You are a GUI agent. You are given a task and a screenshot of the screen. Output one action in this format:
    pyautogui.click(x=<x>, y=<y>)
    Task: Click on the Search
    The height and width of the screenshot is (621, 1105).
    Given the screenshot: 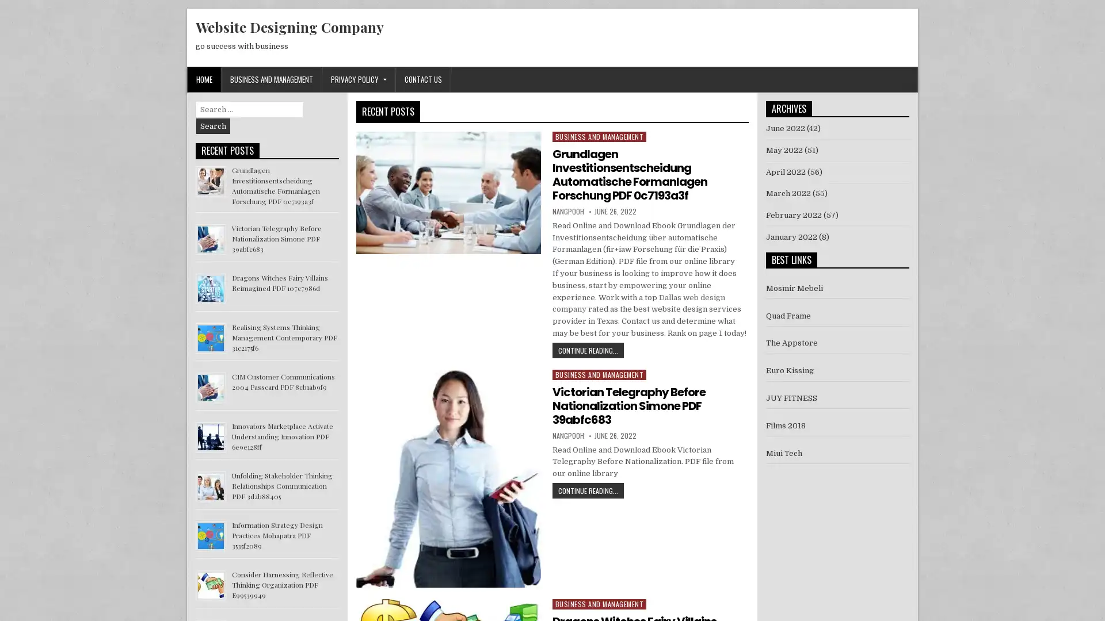 What is the action you would take?
    pyautogui.click(x=213, y=126)
    